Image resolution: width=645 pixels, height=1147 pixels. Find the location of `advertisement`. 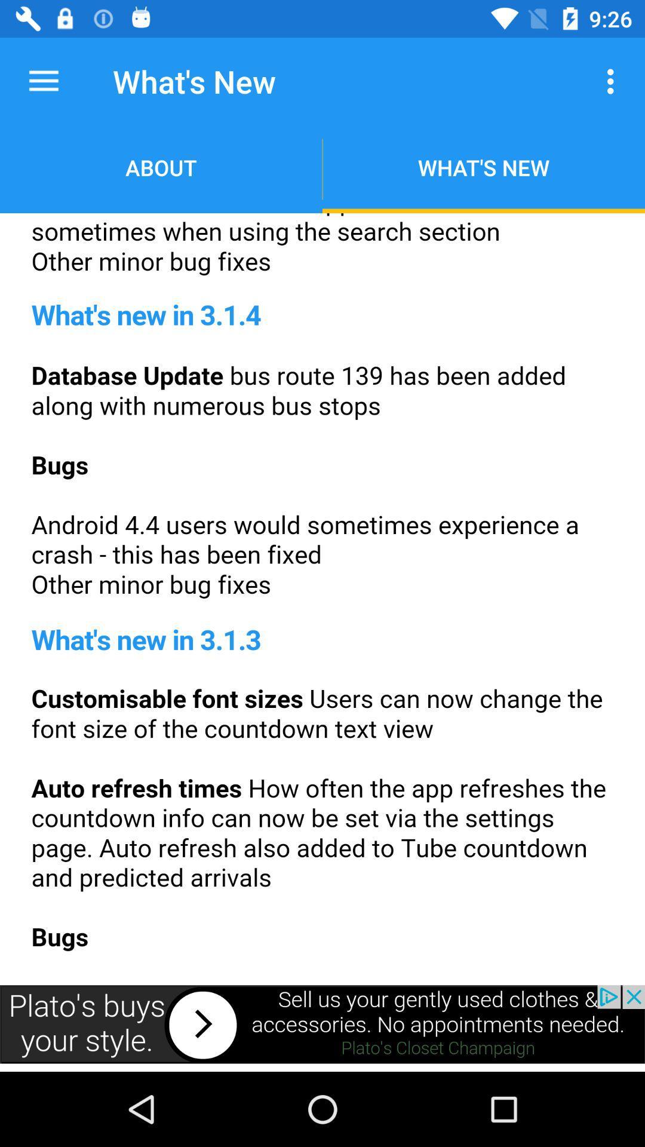

advertisement is located at coordinates (322, 1023).